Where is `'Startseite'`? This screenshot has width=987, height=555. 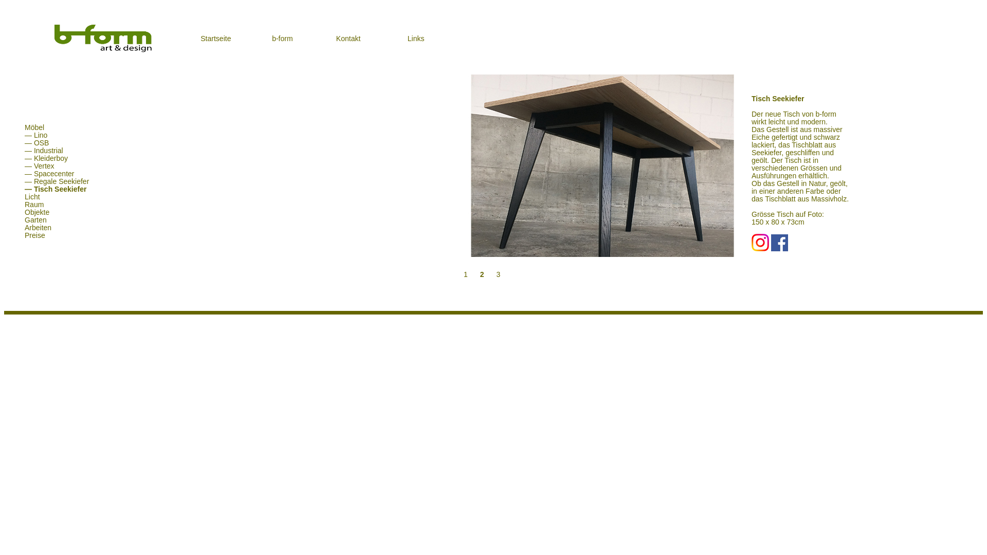 'Startseite' is located at coordinates (200, 38).